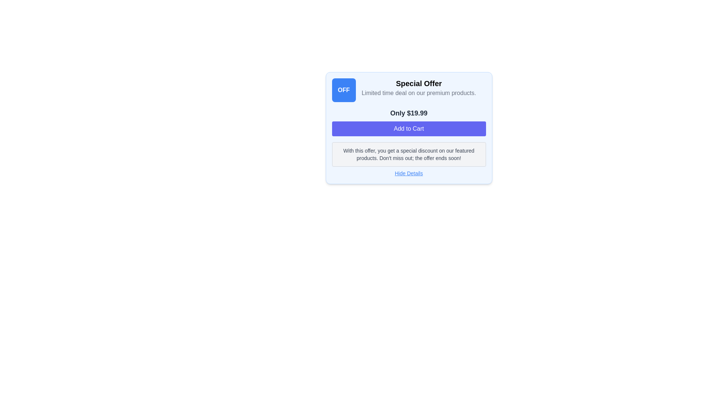  What do you see at coordinates (419, 92) in the screenshot?
I see `the text display that reads 'Limited time deal on our premium products,' located below the bold 'Special Offer' title within a promotional card layout` at bounding box center [419, 92].